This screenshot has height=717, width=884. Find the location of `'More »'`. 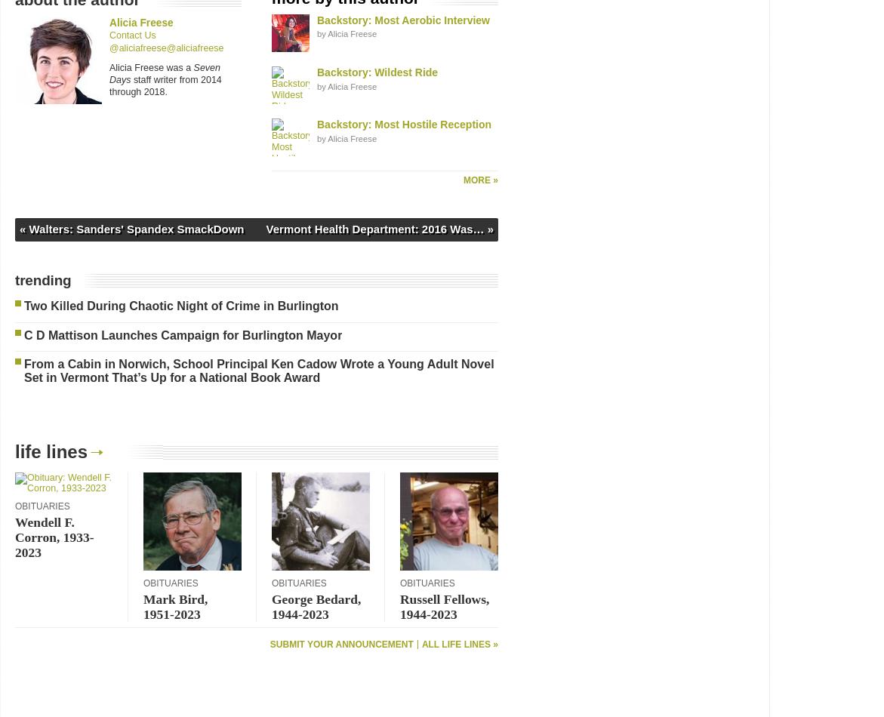

'More »' is located at coordinates (479, 179).